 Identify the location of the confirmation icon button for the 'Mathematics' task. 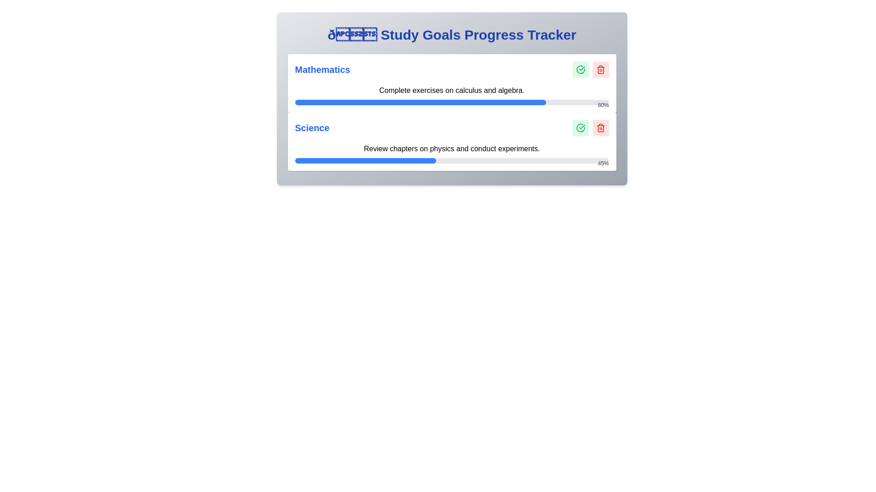
(580, 69).